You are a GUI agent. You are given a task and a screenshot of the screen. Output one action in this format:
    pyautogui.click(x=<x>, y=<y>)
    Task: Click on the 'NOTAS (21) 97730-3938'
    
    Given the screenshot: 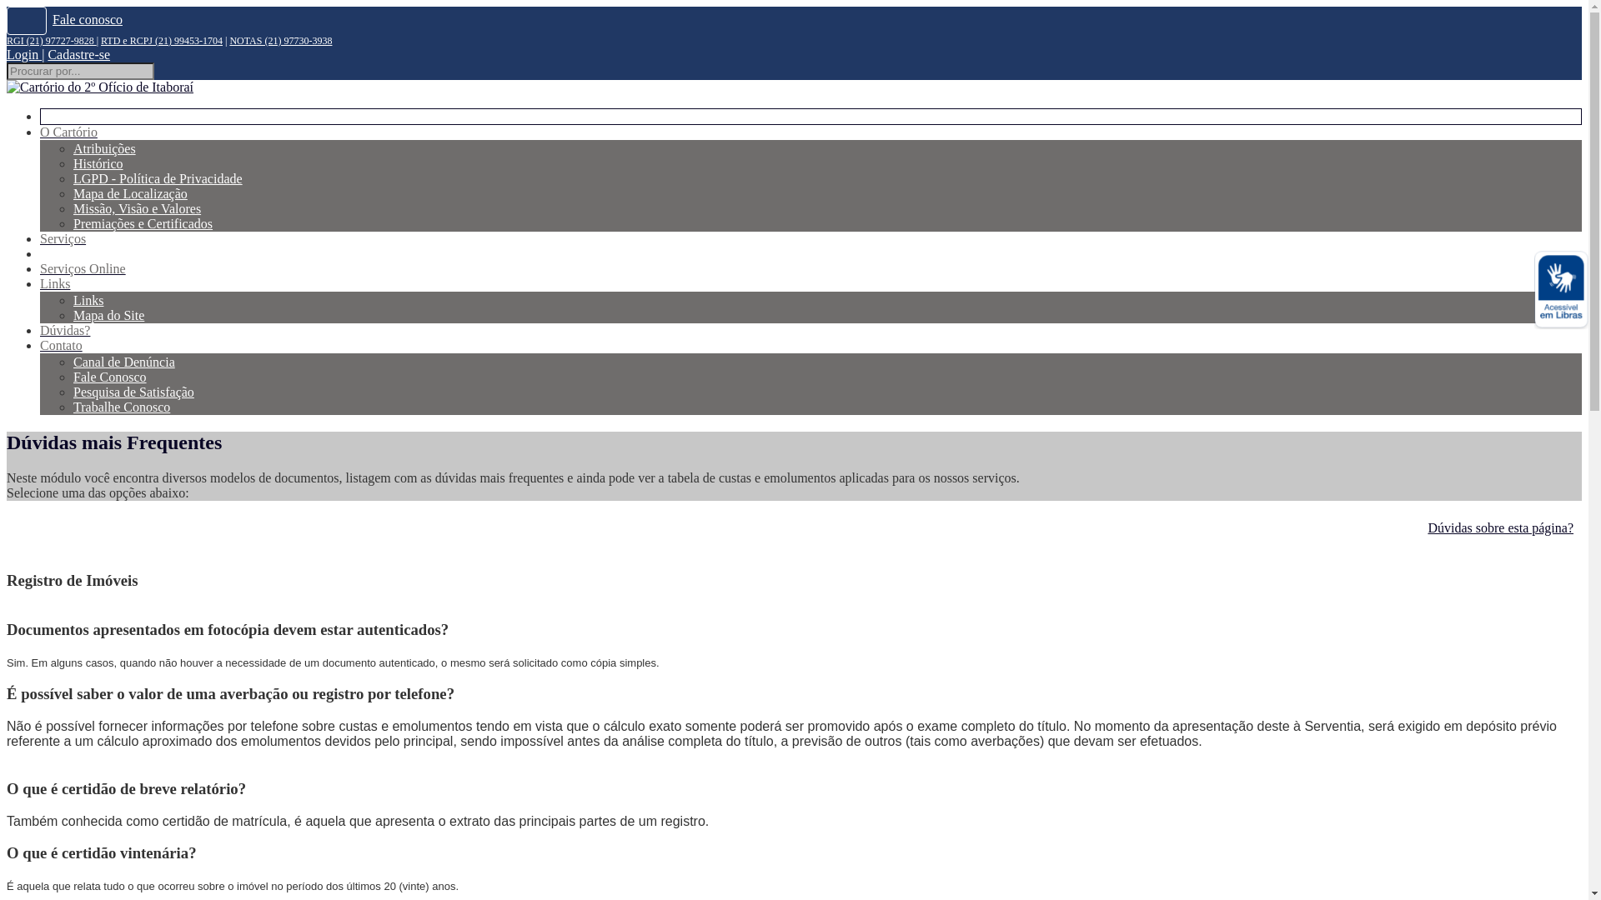 What is the action you would take?
    pyautogui.click(x=280, y=40)
    